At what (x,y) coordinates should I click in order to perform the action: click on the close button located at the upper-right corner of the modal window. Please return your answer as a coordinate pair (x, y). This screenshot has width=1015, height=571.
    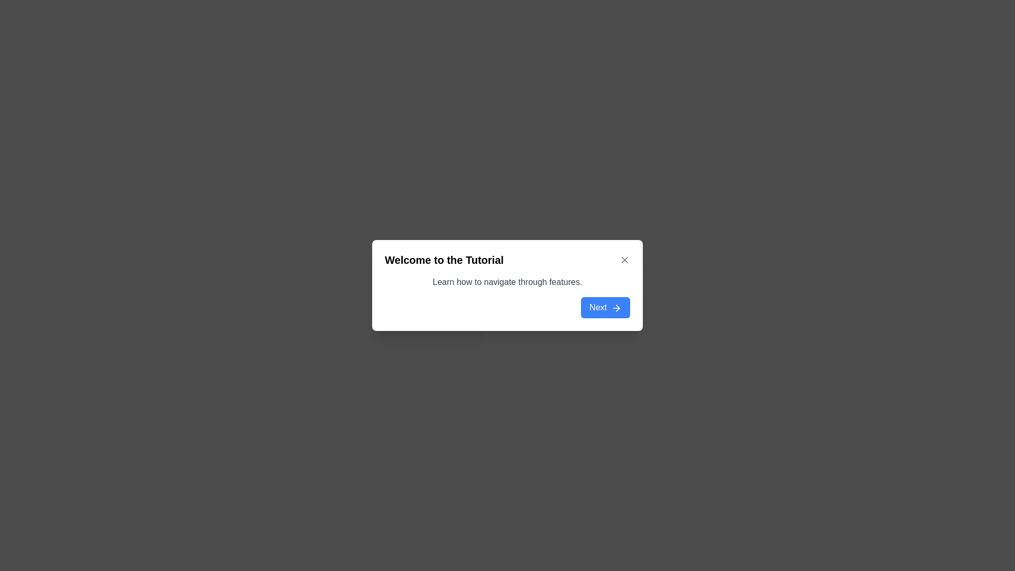
    Looking at the image, I should click on (624, 260).